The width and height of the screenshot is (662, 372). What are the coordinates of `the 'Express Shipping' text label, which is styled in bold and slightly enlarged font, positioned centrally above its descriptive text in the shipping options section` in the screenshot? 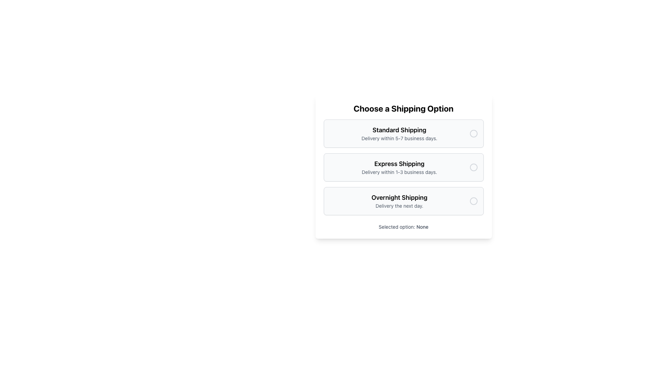 It's located at (399, 164).